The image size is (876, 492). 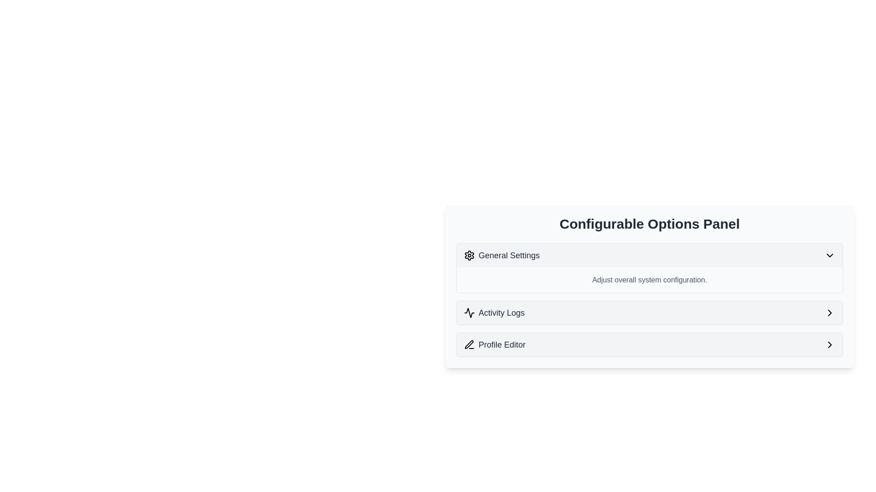 I want to click on the rightward-pointing chevron SVG icon located next to the 'Profile Editor' option in the 'Configurable Options Panel', so click(x=830, y=312).